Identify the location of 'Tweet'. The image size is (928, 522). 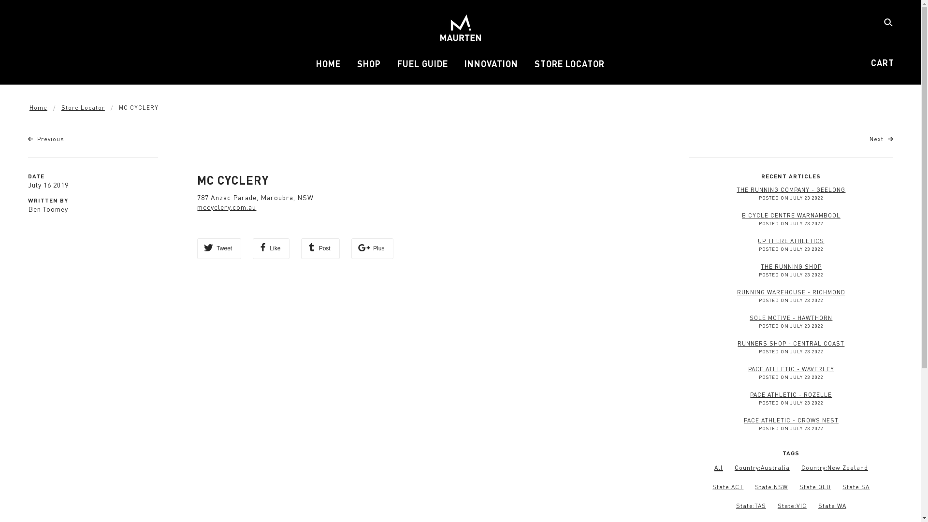
(218, 248).